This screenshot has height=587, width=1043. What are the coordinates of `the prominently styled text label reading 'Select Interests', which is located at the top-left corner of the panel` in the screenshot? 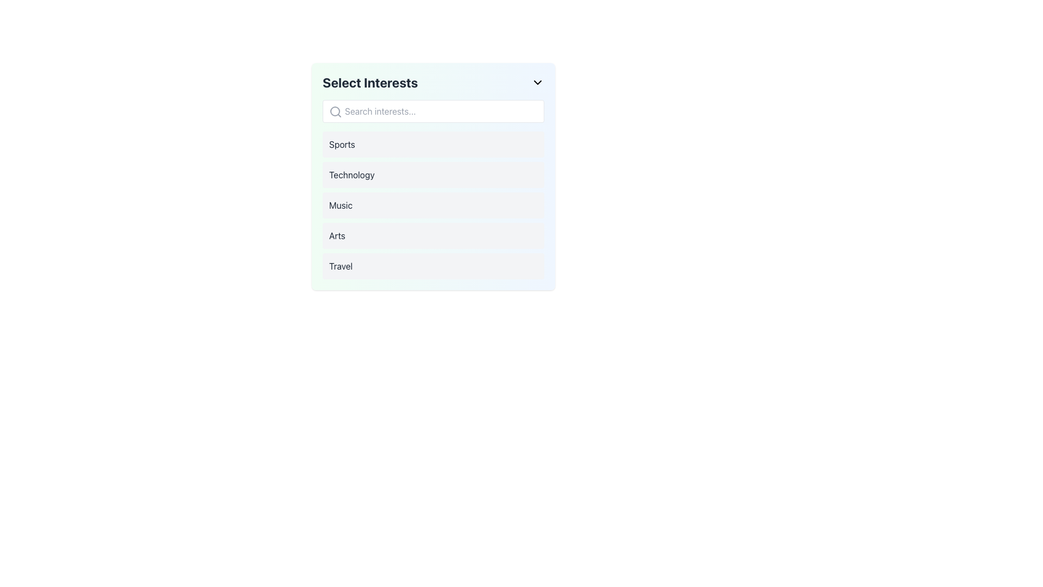 It's located at (370, 82).